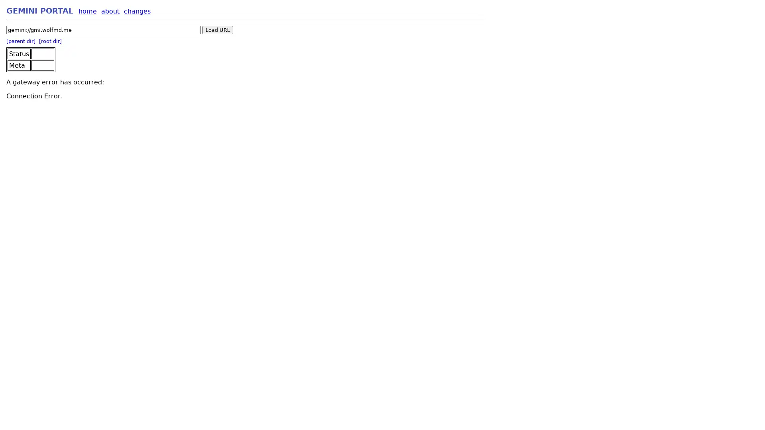 Image resolution: width=765 pixels, height=430 pixels. I want to click on Load URL, so click(218, 29).